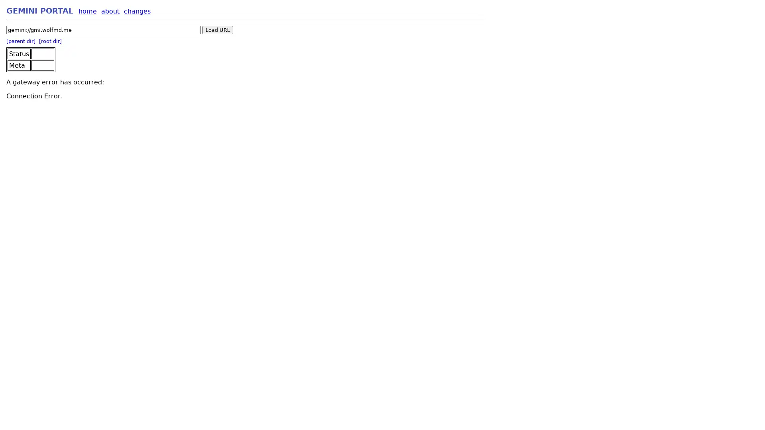 Image resolution: width=765 pixels, height=430 pixels. I want to click on Load URL, so click(218, 29).